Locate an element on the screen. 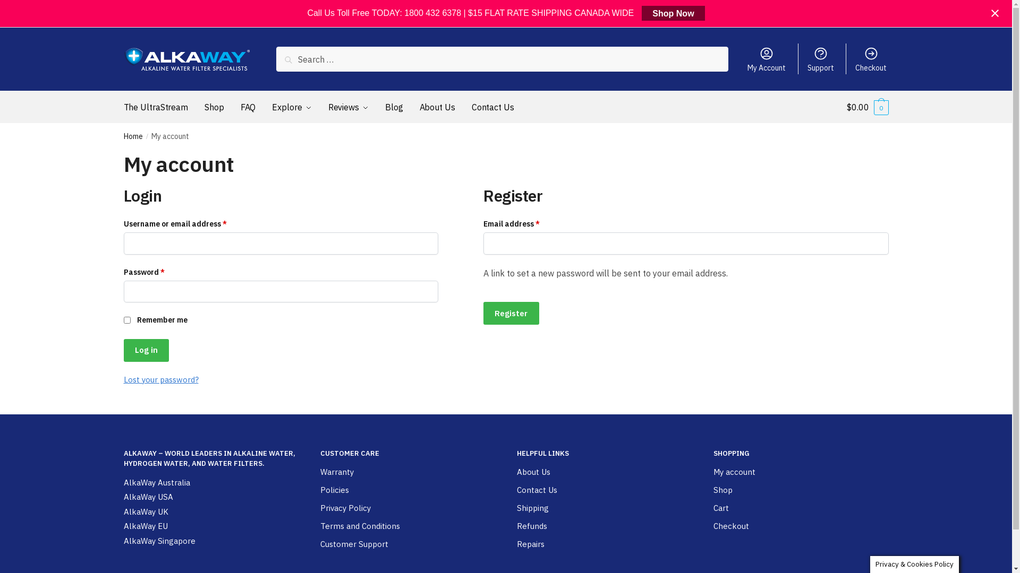 The height and width of the screenshot is (573, 1020). 'Warranty' is located at coordinates (336, 472).